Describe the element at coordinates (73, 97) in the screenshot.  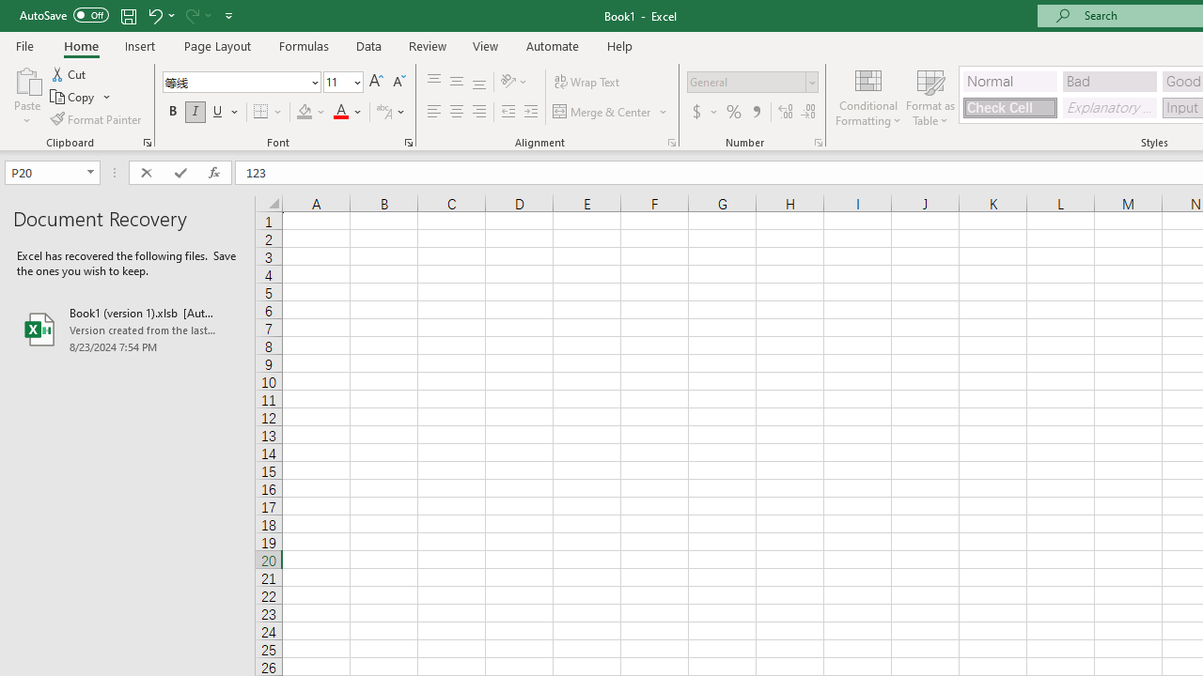
I see `'Copy'` at that location.